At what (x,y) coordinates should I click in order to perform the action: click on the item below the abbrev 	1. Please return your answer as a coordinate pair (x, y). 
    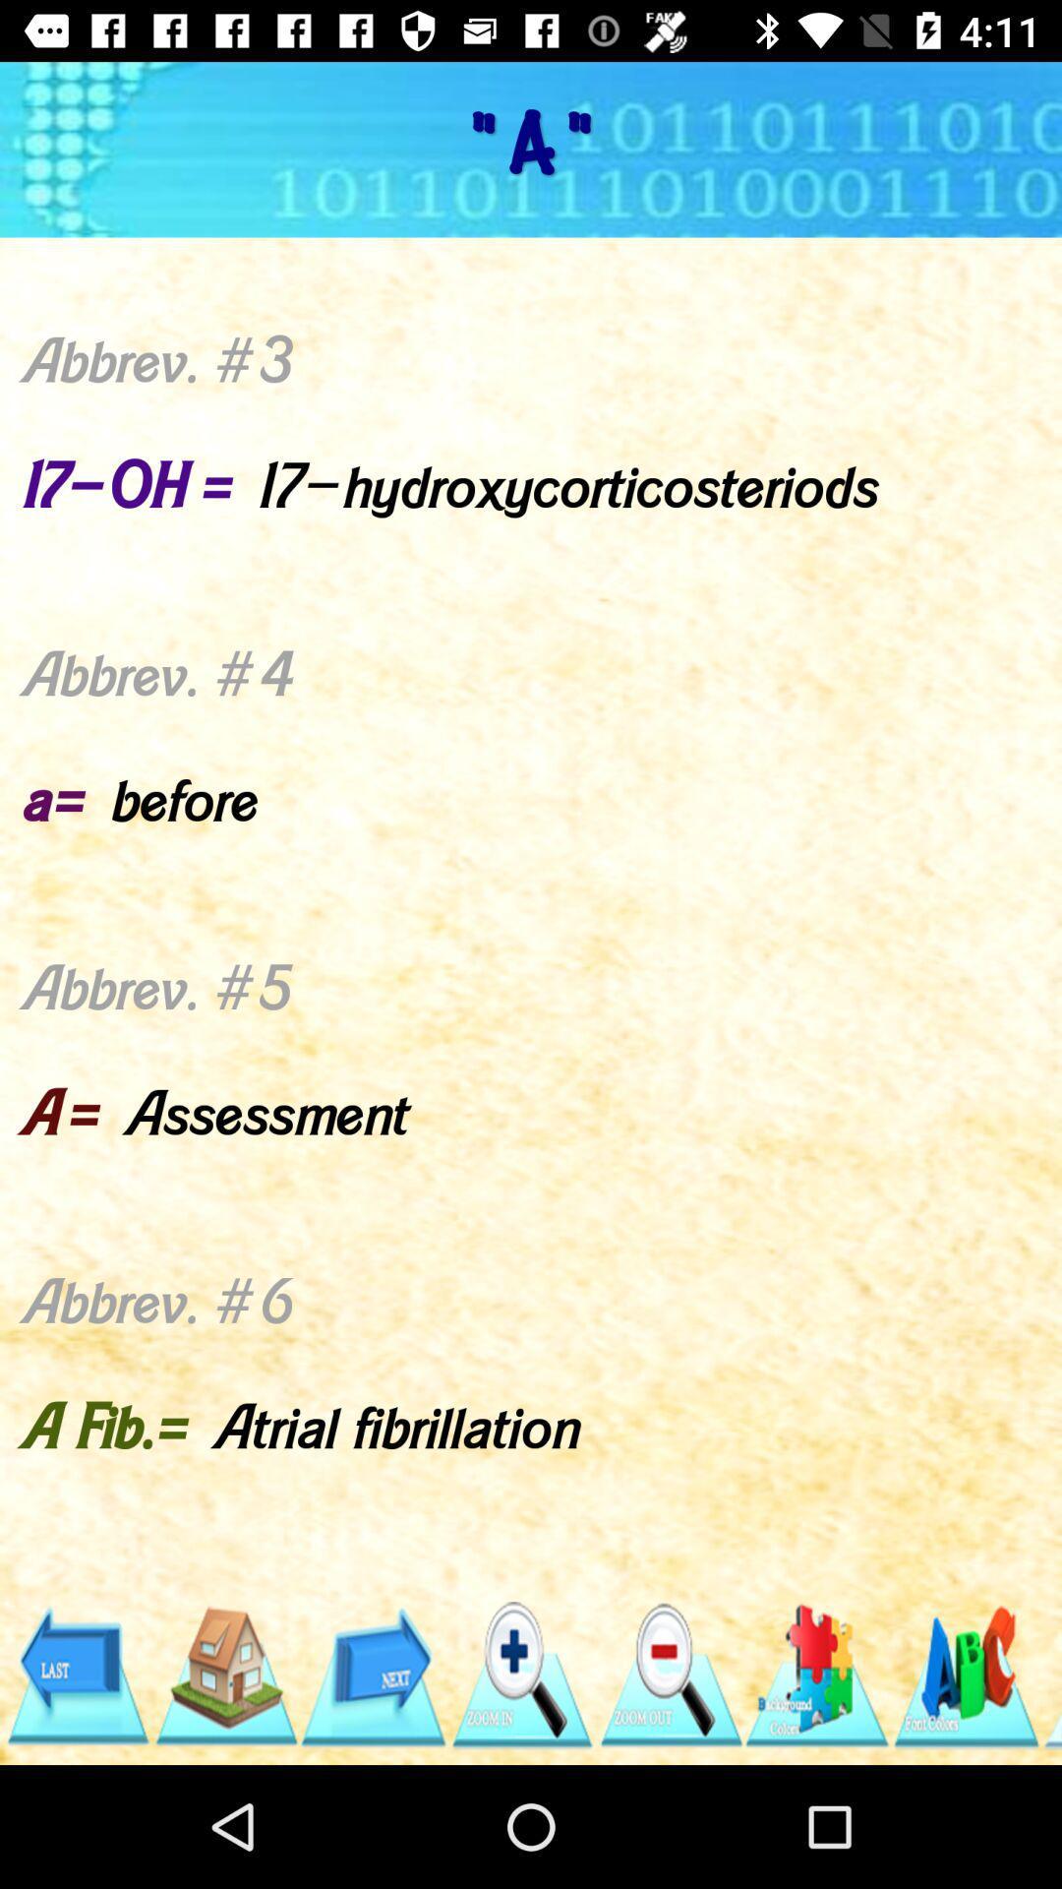
    Looking at the image, I should click on (76, 1675).